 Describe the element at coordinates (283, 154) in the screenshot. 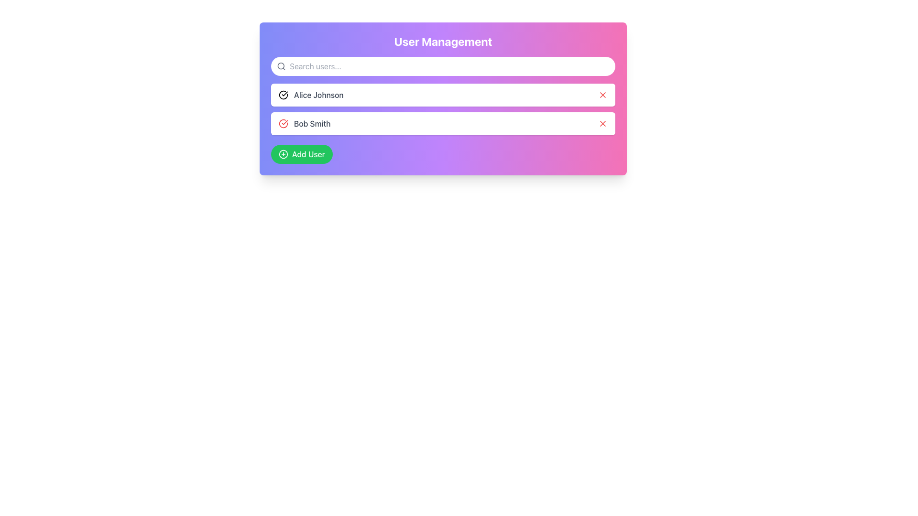

I see `the circular icon with a green plus symbol, located to the left of the 'Add User' text in the green button at the bottom section of the interface` at that location.